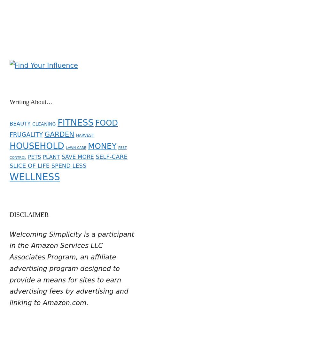  I want to click on 'GARDEN', so click(44, 130).